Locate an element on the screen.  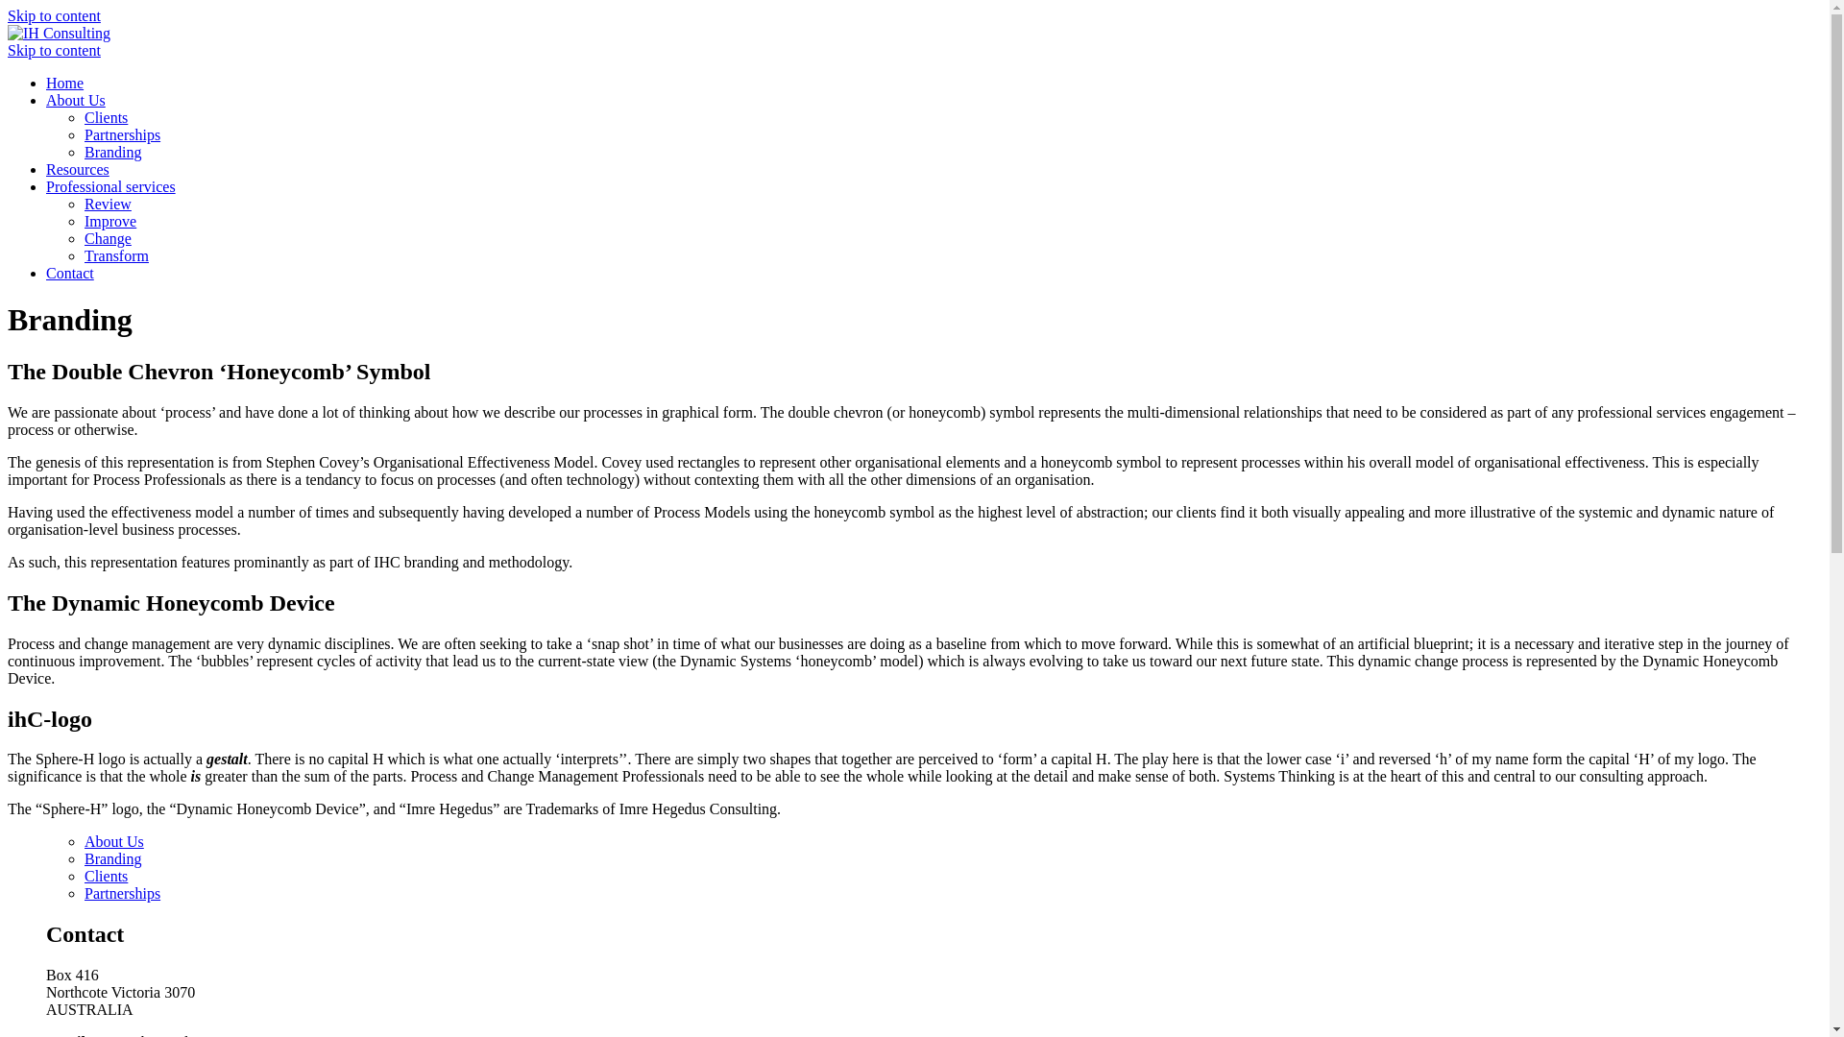
'Home' is located at coordinates (64, 82).